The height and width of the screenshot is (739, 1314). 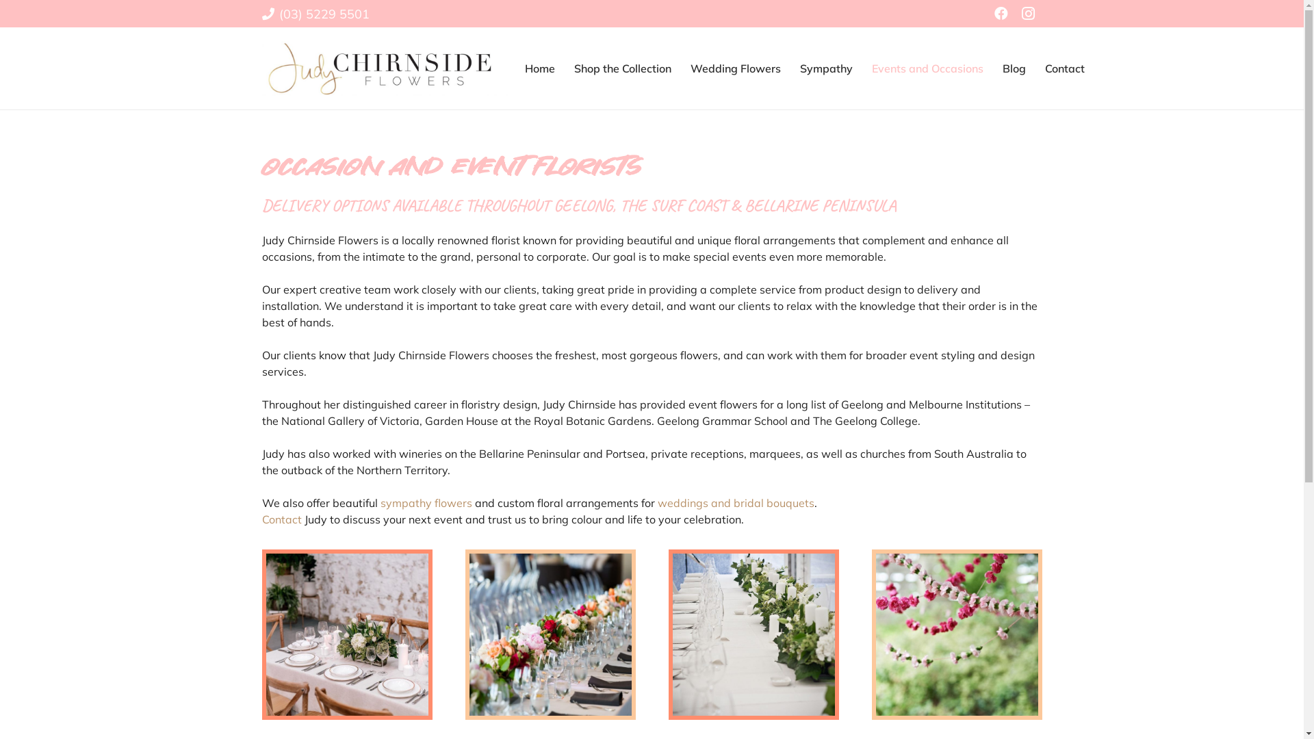 What do you see at coordinates (314, 13) in the screenshot?
I see `'(03) 5229 5501'` at bounding box center [314, 13].